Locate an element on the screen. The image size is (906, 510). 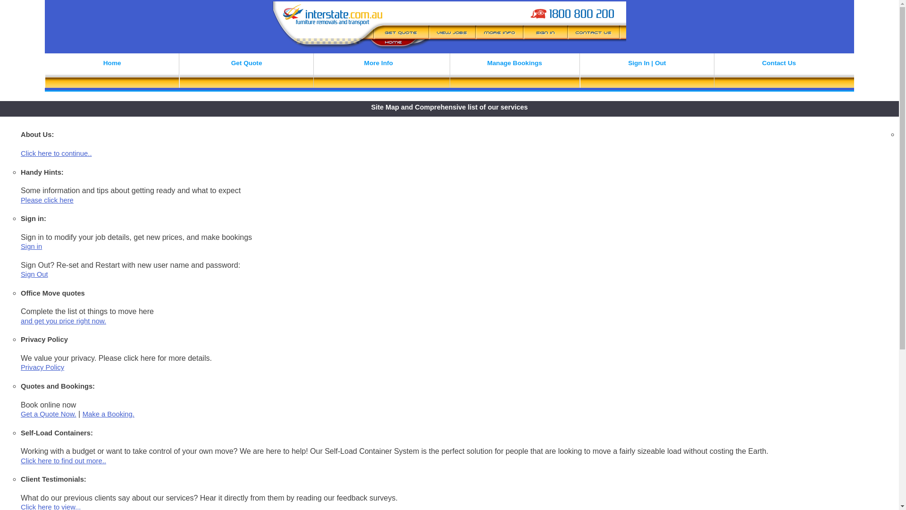
'Get Quote' is located at coordinates (246, 72).